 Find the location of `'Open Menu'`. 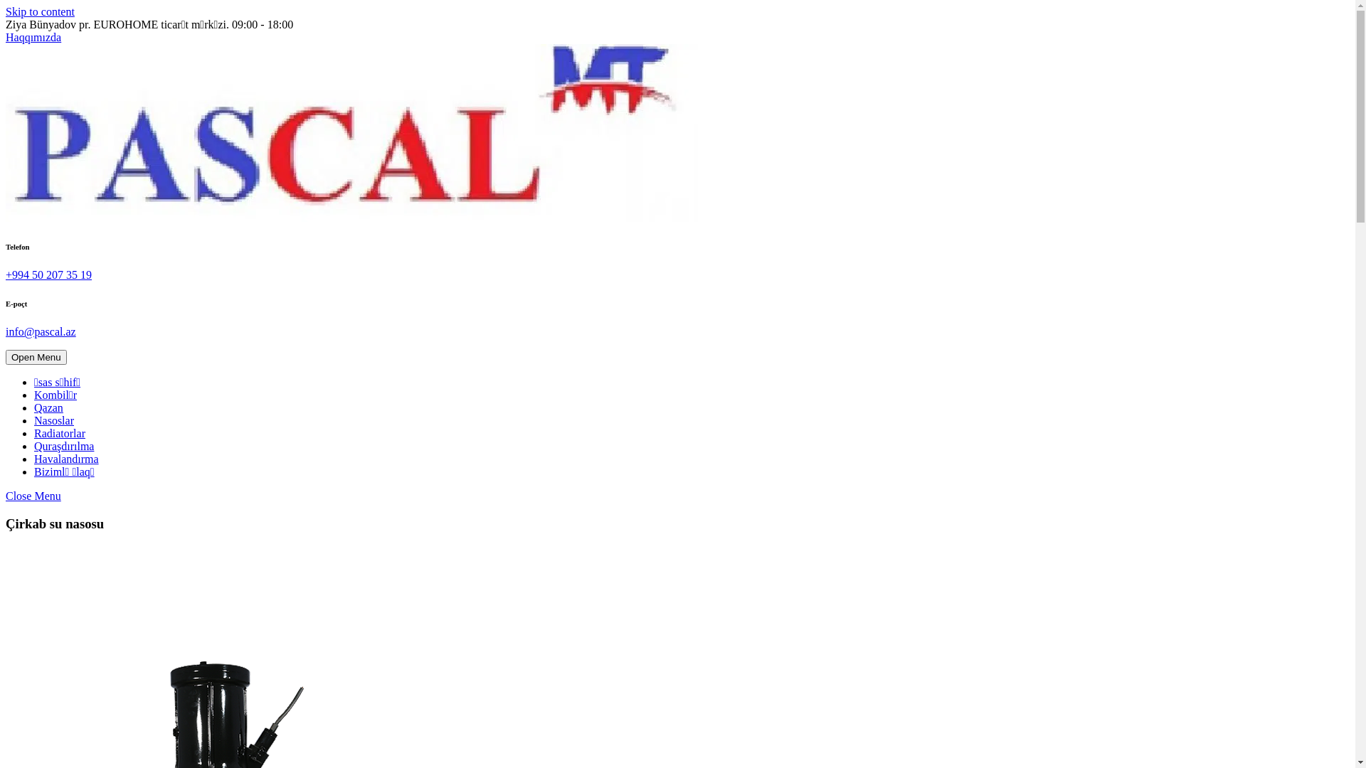

'Open Menu' is located at coordinates (36, 356).